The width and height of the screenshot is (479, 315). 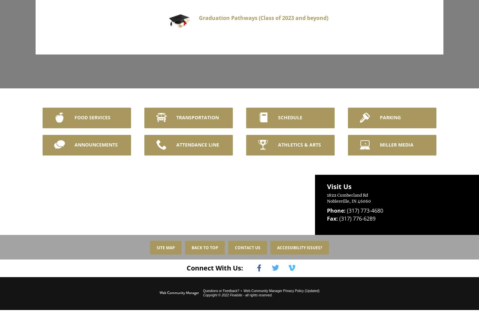 What do you see at coordinates (364, 206) in the screenshot?
I see `'(317) 773-4680'` at bounding box center [364, 206].